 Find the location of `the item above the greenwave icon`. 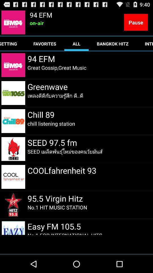

the item above the greenwave icon is located at coordinates (57, 68).